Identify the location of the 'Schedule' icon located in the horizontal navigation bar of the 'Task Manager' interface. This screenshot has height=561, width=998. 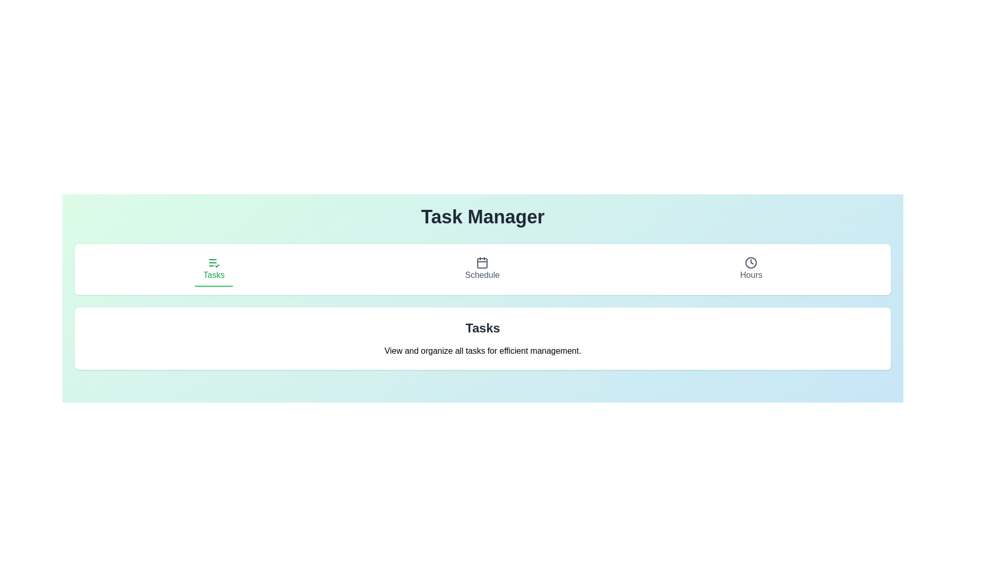
(482, 262).